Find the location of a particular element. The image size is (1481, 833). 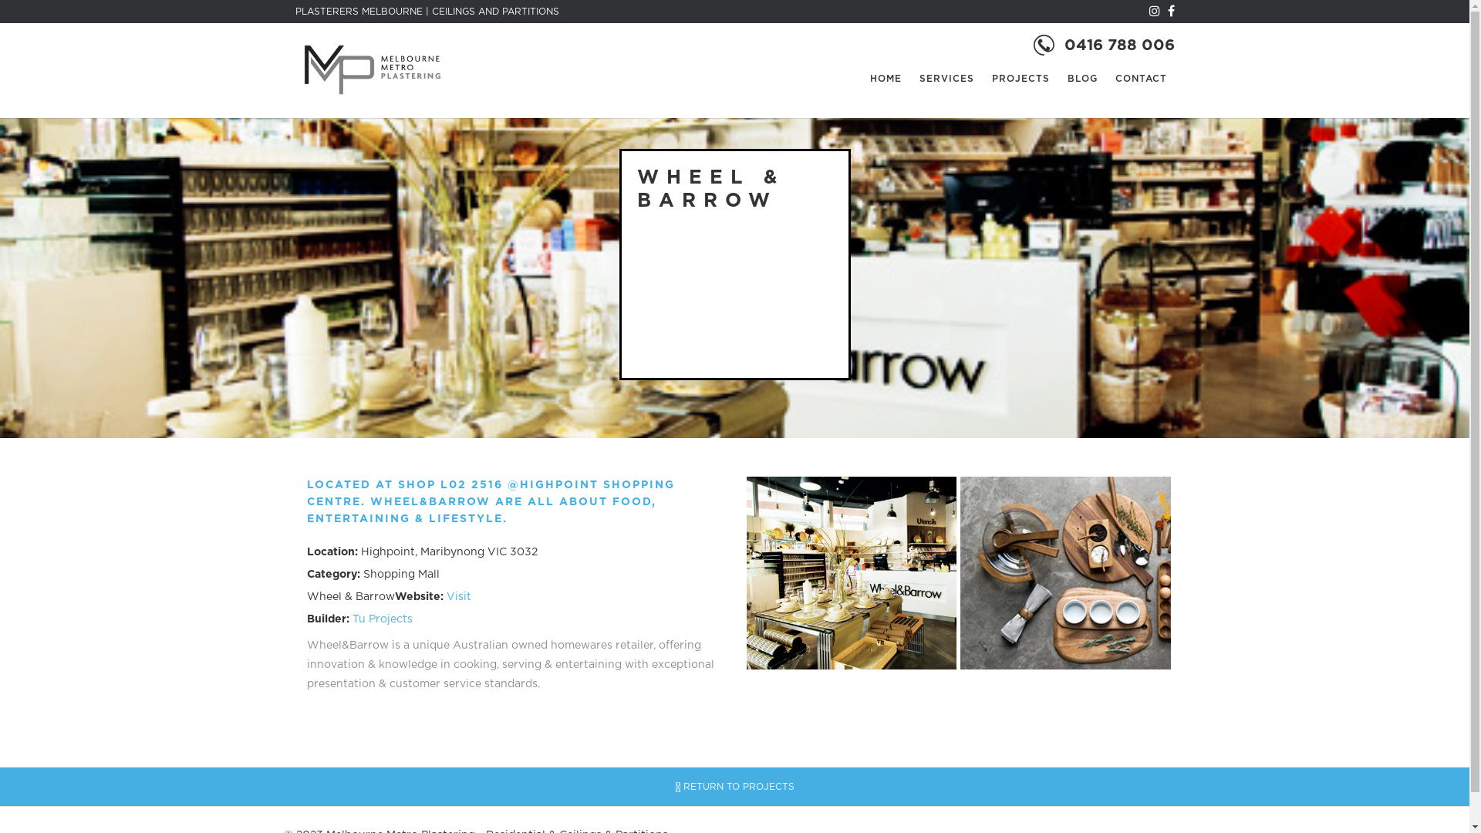

'PROJECTS' is located at coordinates (1021, 78).